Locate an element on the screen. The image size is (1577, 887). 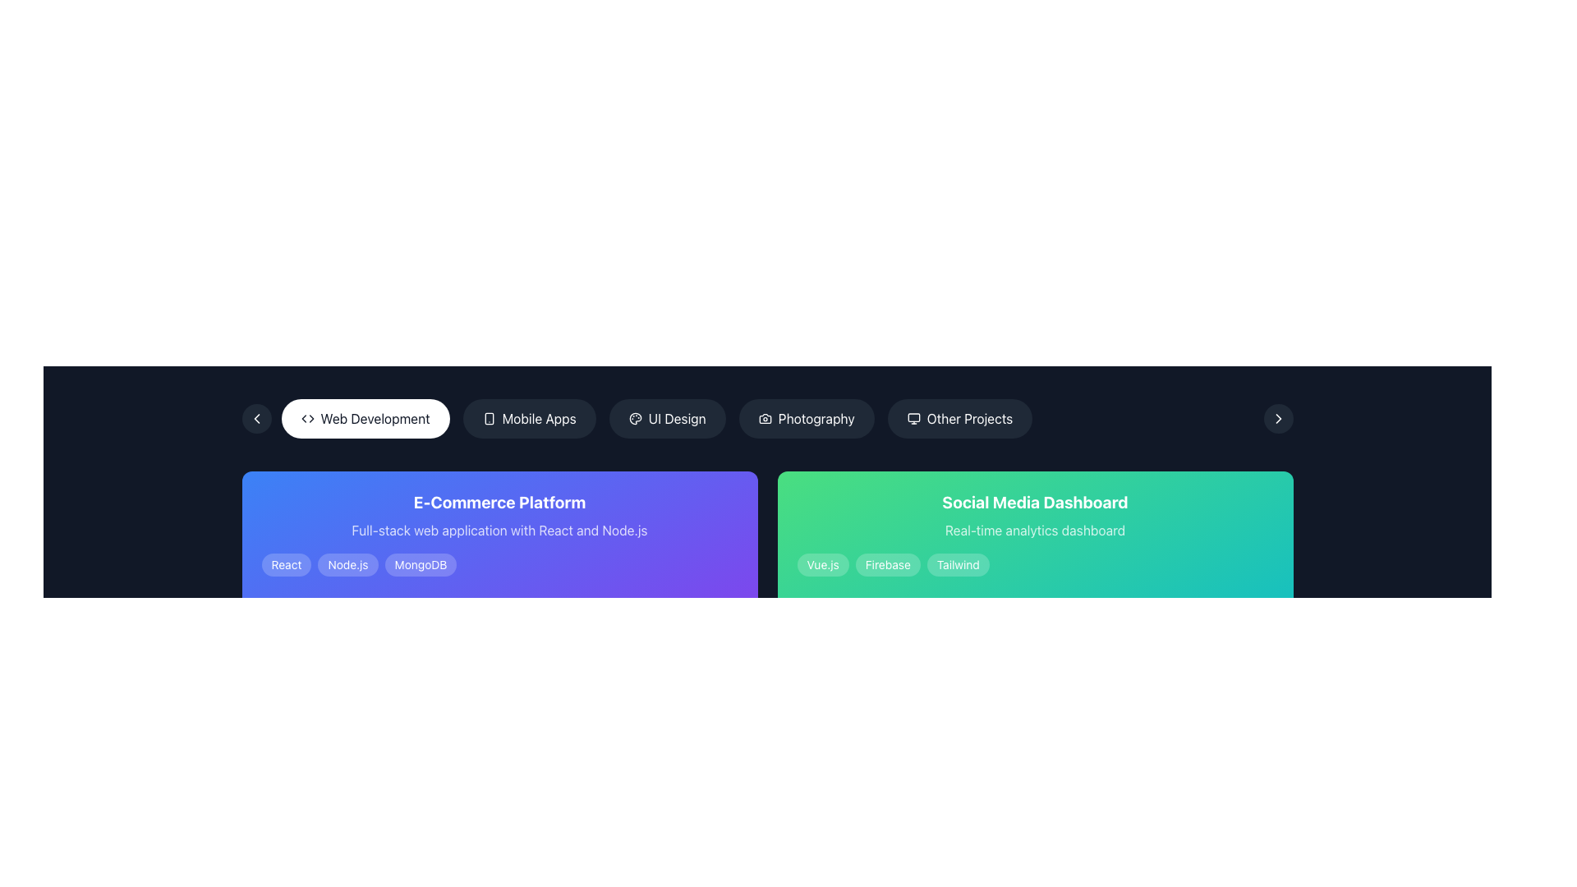
the small circular button with a dark gray background and a white chevron pointing is located at coordinates (1277, 417).